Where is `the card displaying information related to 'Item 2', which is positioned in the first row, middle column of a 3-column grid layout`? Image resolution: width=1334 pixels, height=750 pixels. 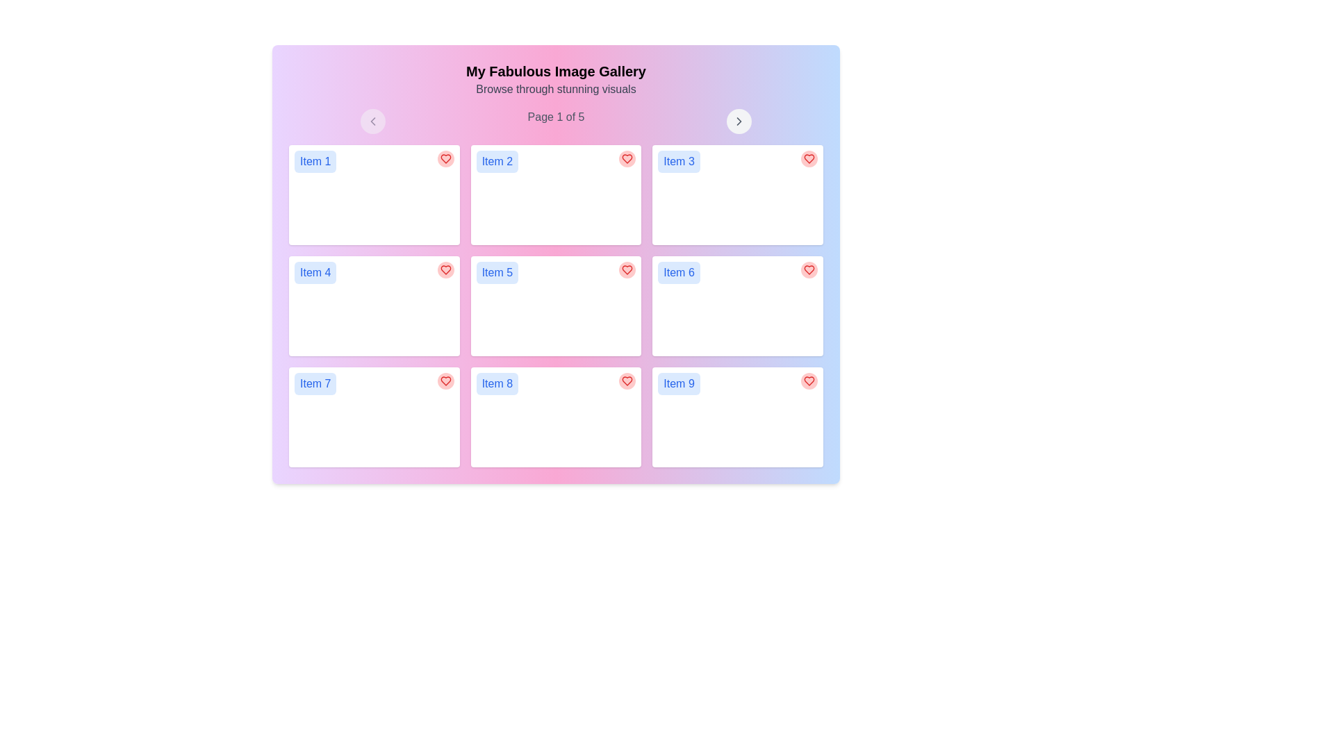 the card displaying information related to 'Item 2', which is positioned in the first row, middle column of a 3-column grid layout is located at coordinates (556, 195).